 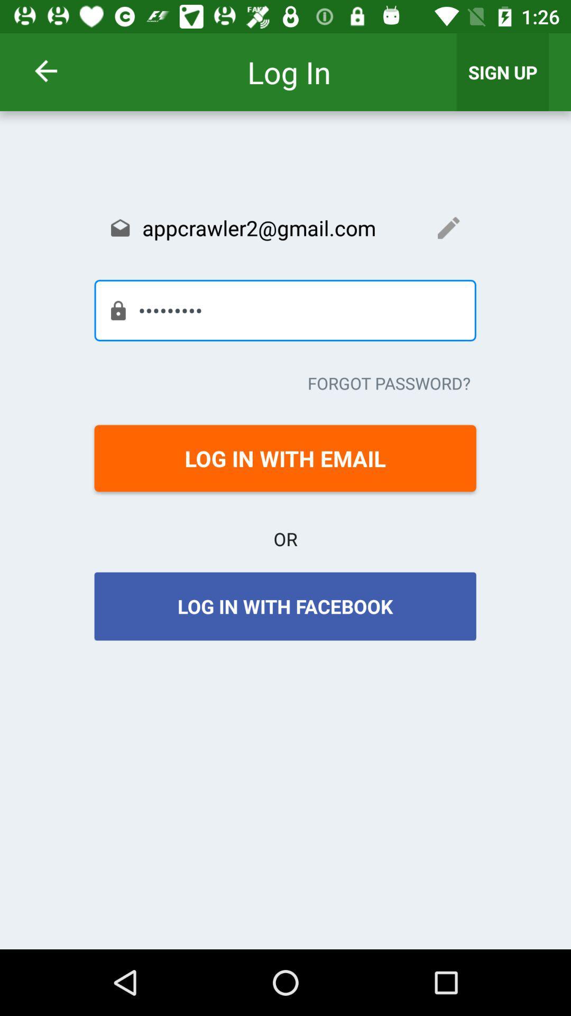 I want to click on item above the forgot password? icon, so click(x=284, y=310).